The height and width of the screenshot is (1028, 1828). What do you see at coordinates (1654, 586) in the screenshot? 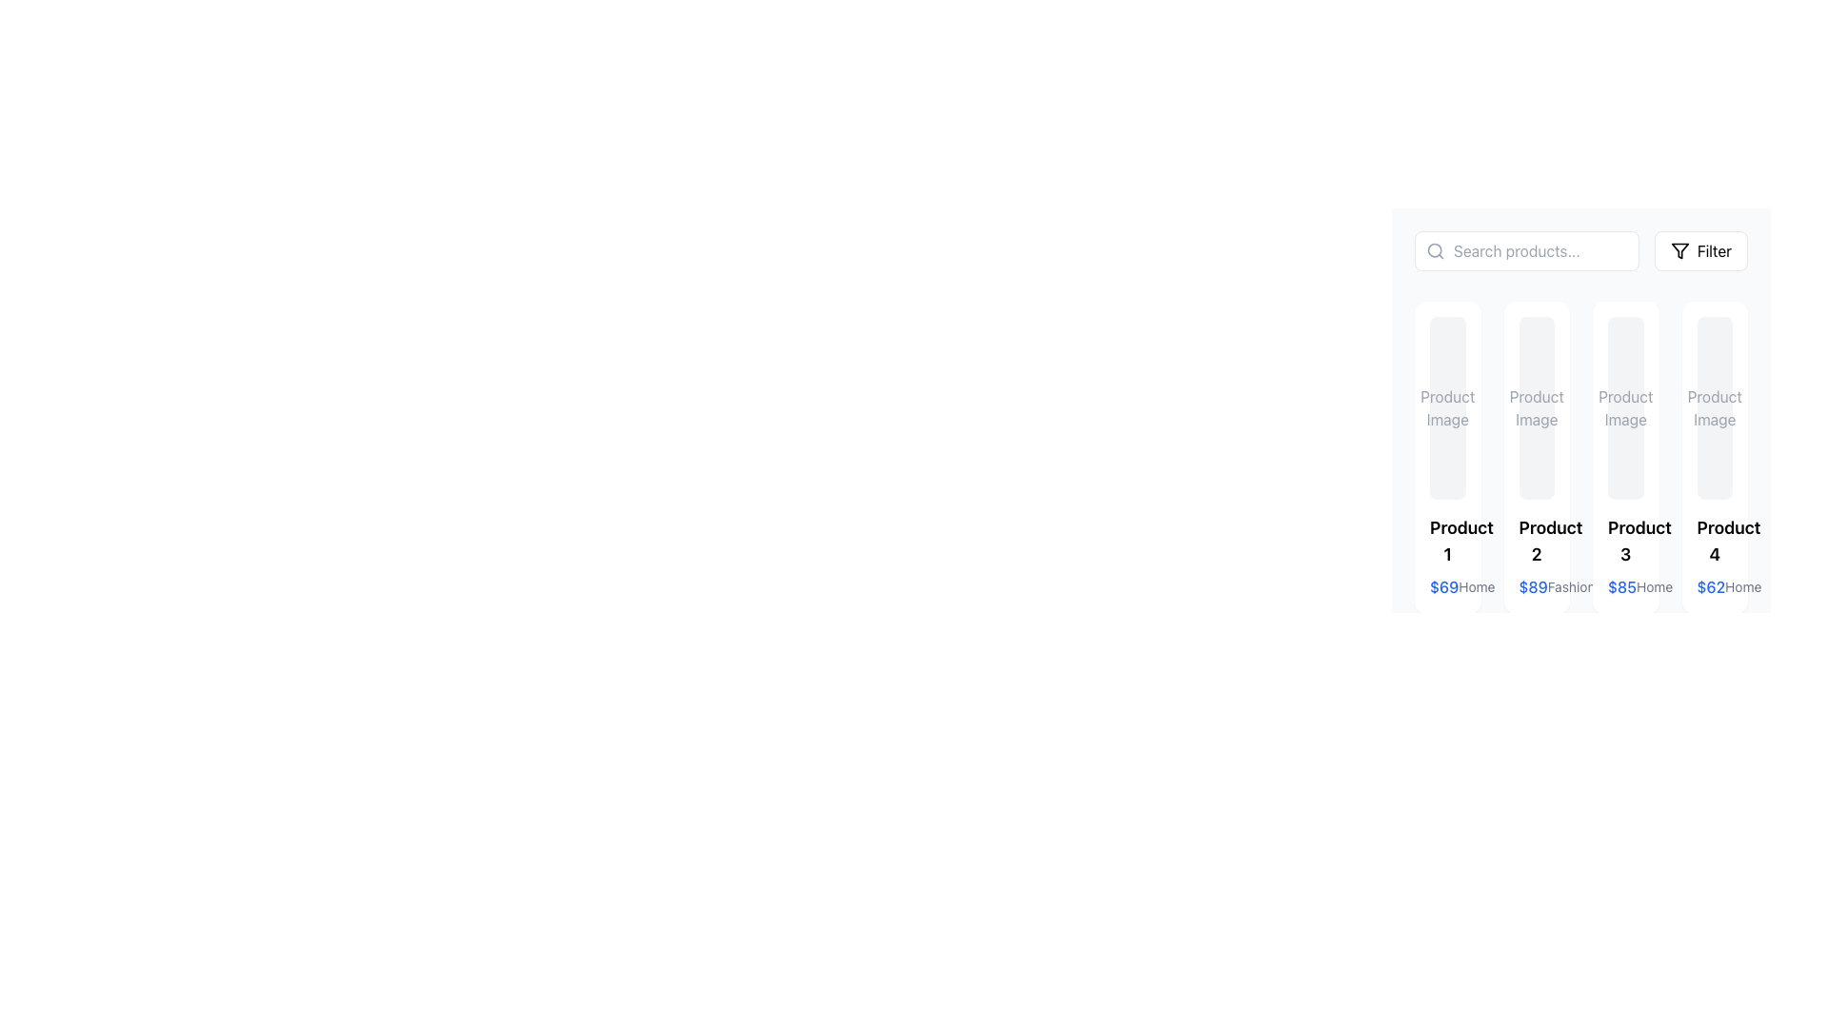
I see `the static text label 'Home' which serves as a category descriptor for 'Product 3', located immediately to the left of the '$85' price label` at bounding box center [1654, 586].